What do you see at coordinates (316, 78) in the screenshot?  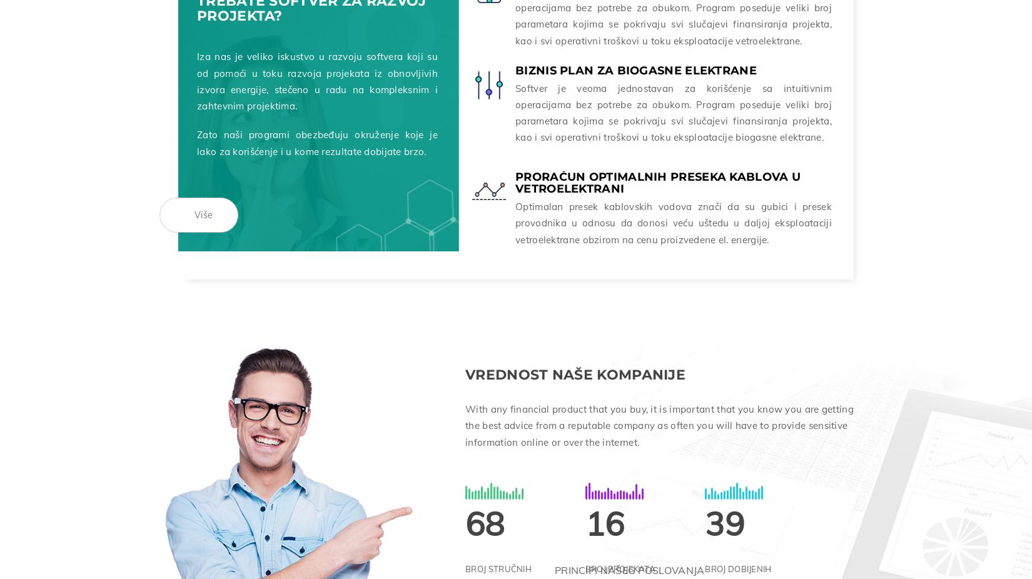 I see `'Iza nas je veliko iskustvo u razvoju softvera koji su od pomoći u toku razvoja projekata iz obnovljivih izvora energije, stečeno u radu na kompleksnim i zahtevnim projektima.'` at bounding box center [316, 78].